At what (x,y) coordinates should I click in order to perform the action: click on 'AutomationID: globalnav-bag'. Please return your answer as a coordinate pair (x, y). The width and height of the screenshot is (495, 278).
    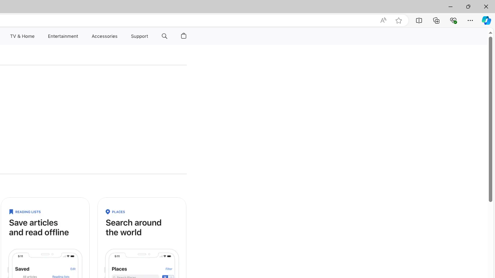
    Looking at the image, I should click on (183, 36).